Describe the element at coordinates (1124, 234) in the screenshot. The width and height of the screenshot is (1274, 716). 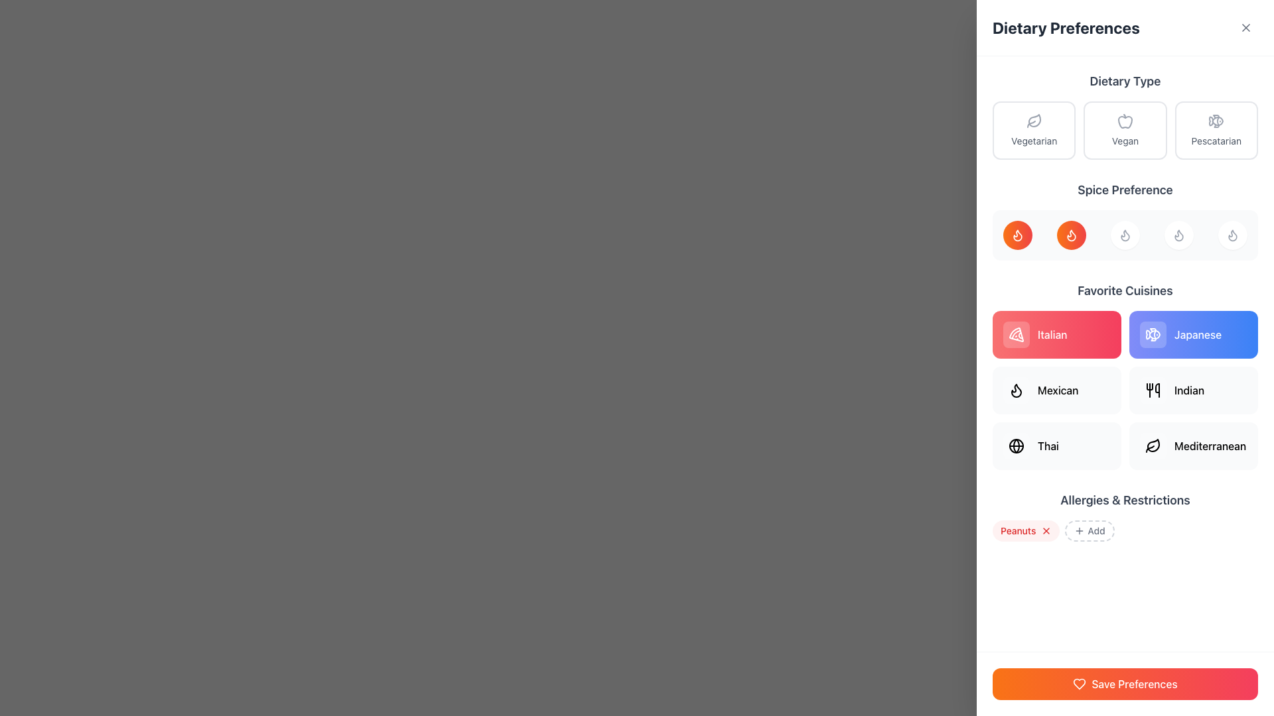
I see `the circular button with a white background and a light gray flame icon` at that location.